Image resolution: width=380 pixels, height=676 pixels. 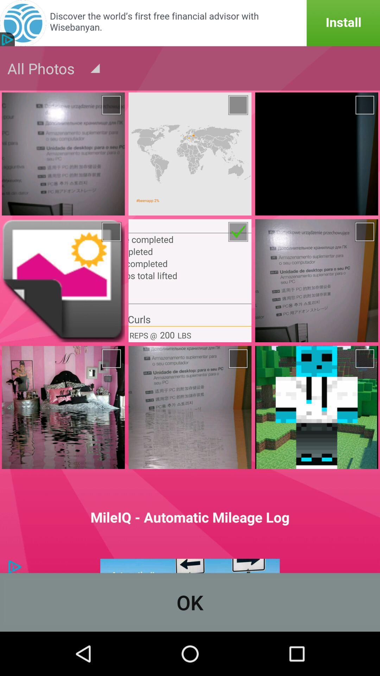 What do you see at coordinates (190, 23) in the screenshot?
I see `open advertisement` at bounding box center [190, 23].